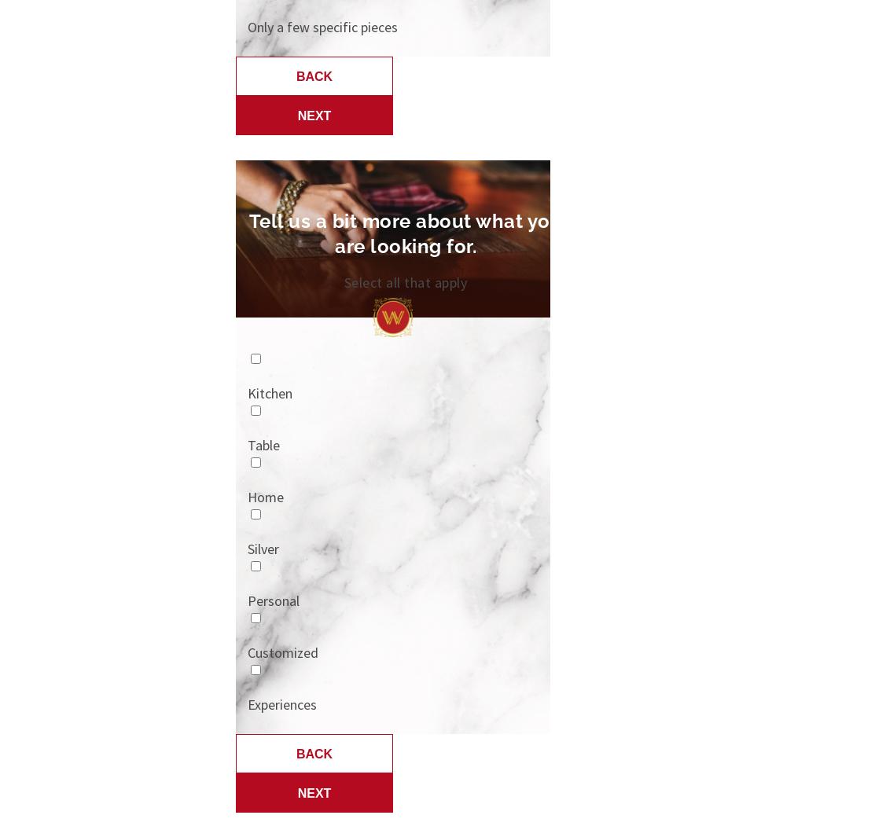 The width and height of the screenshot is (875, 826). Describe the element at coordinates (270, 392) in the screenshot. I see `'Kitchen'` at that location.